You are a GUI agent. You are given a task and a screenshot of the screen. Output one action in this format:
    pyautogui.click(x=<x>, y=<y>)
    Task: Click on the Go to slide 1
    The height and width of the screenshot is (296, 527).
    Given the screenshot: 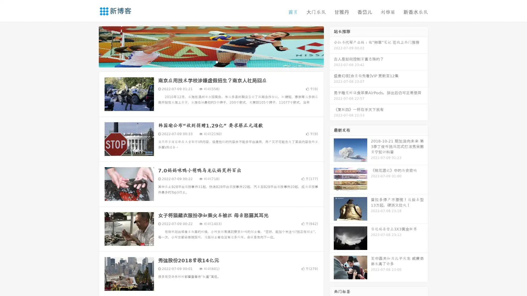 What is the action you would take?
    pyautogui.click(x=205, y=62)
    